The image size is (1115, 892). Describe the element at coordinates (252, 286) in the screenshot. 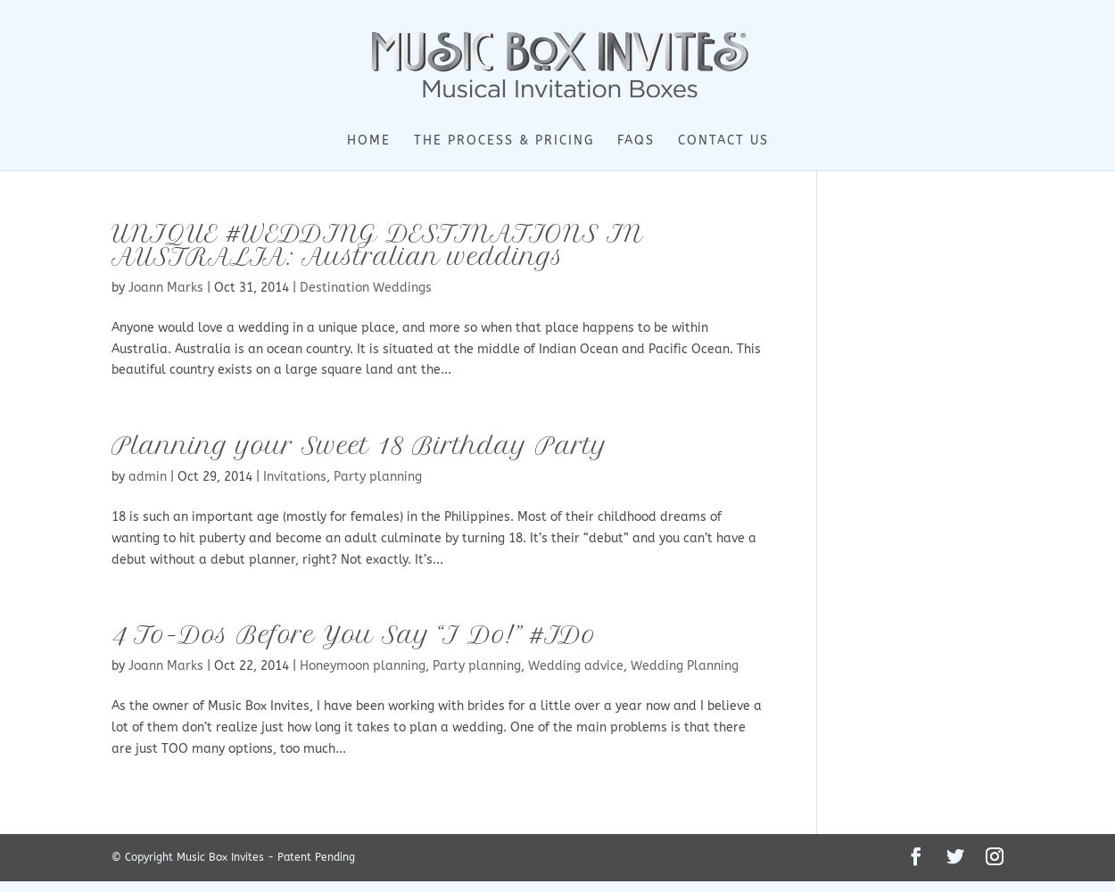

I see `'Oct 31, 2014'` at that location.